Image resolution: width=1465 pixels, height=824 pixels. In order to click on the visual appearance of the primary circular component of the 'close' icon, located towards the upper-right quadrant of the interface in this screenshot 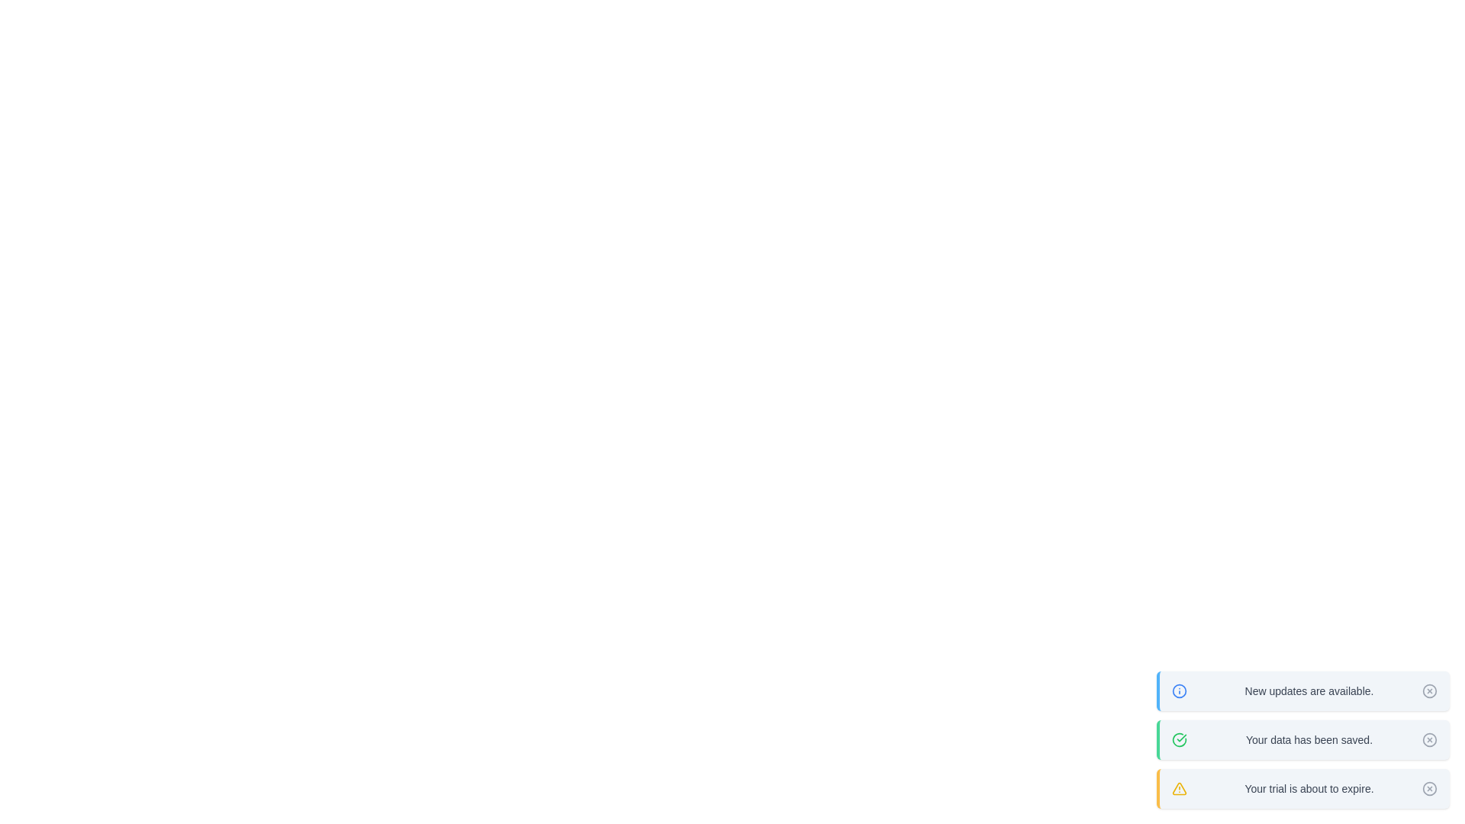, I will do `click(1428, 739)`.